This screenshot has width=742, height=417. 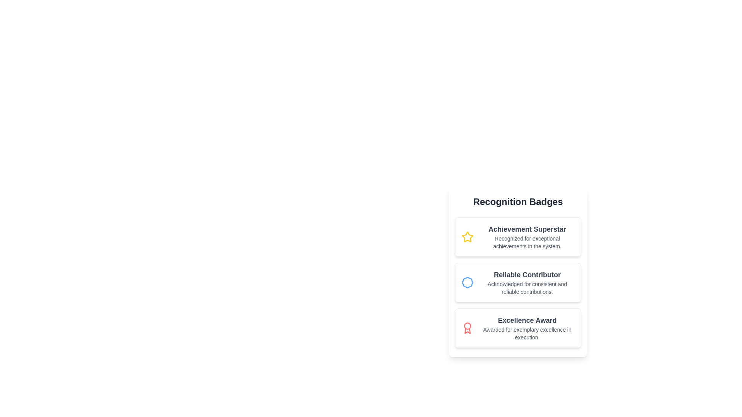 I want to click on the red award medallion icon for the 'Excellence Award' located, so click(x=470, y=328).